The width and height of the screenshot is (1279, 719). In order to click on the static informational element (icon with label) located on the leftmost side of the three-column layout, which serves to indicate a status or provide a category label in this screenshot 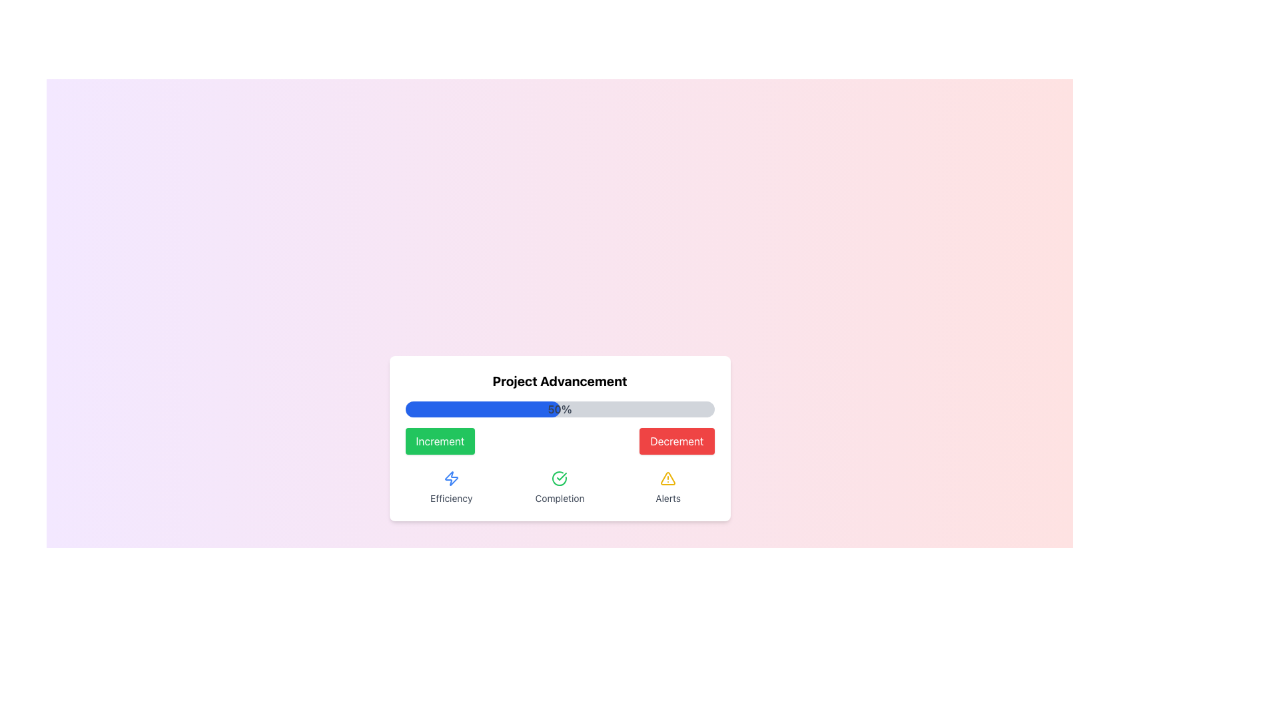, I will do `click(451, 487)`.